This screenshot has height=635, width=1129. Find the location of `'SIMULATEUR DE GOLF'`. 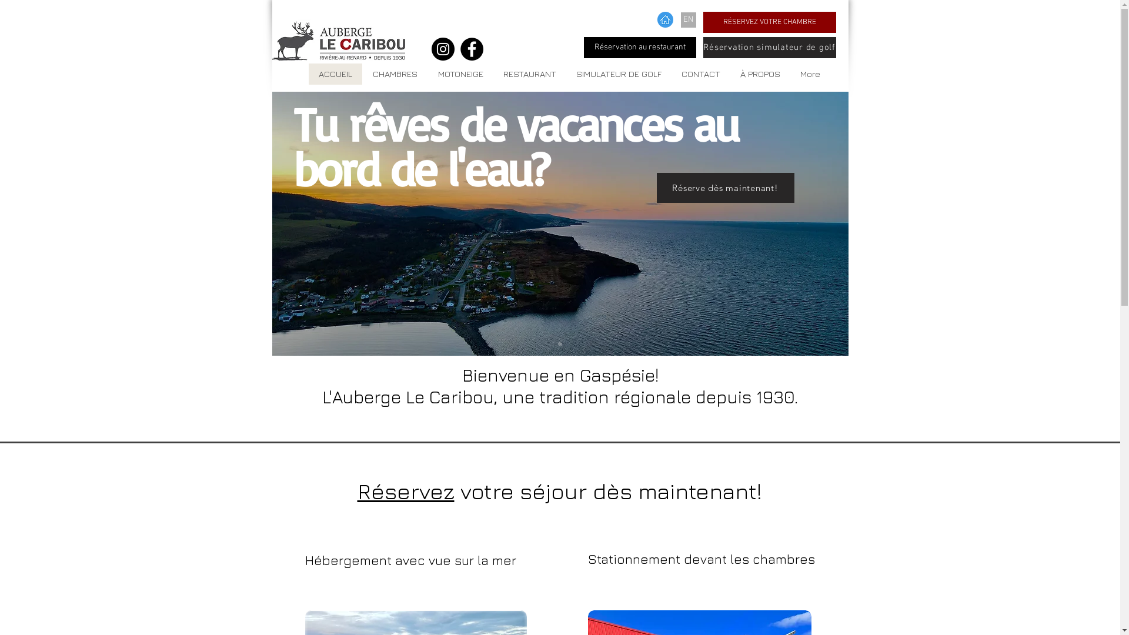

'SIMULATEUR DE GOLF' is located at coordinates (565, 74).